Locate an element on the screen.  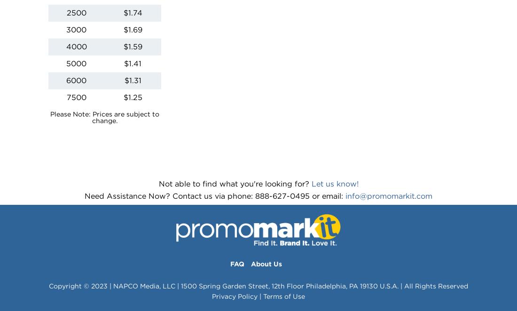
'Terms of Use' is located at coordinates (283, 296).